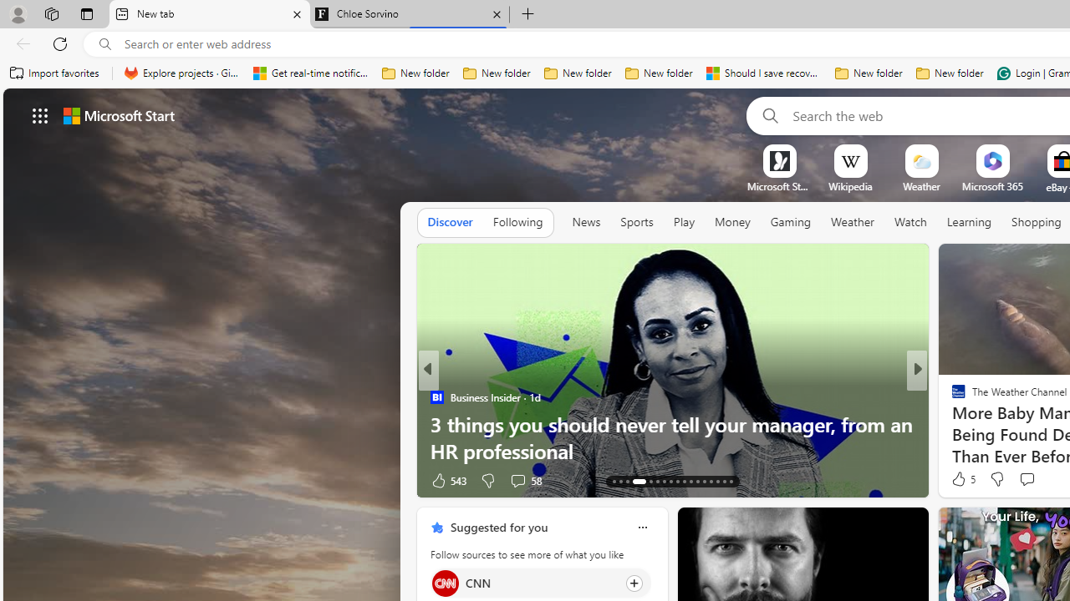 Image resolution: width=1070 pixels, height=601 pixels. I want to click on 'Learning', so click(969, 221).